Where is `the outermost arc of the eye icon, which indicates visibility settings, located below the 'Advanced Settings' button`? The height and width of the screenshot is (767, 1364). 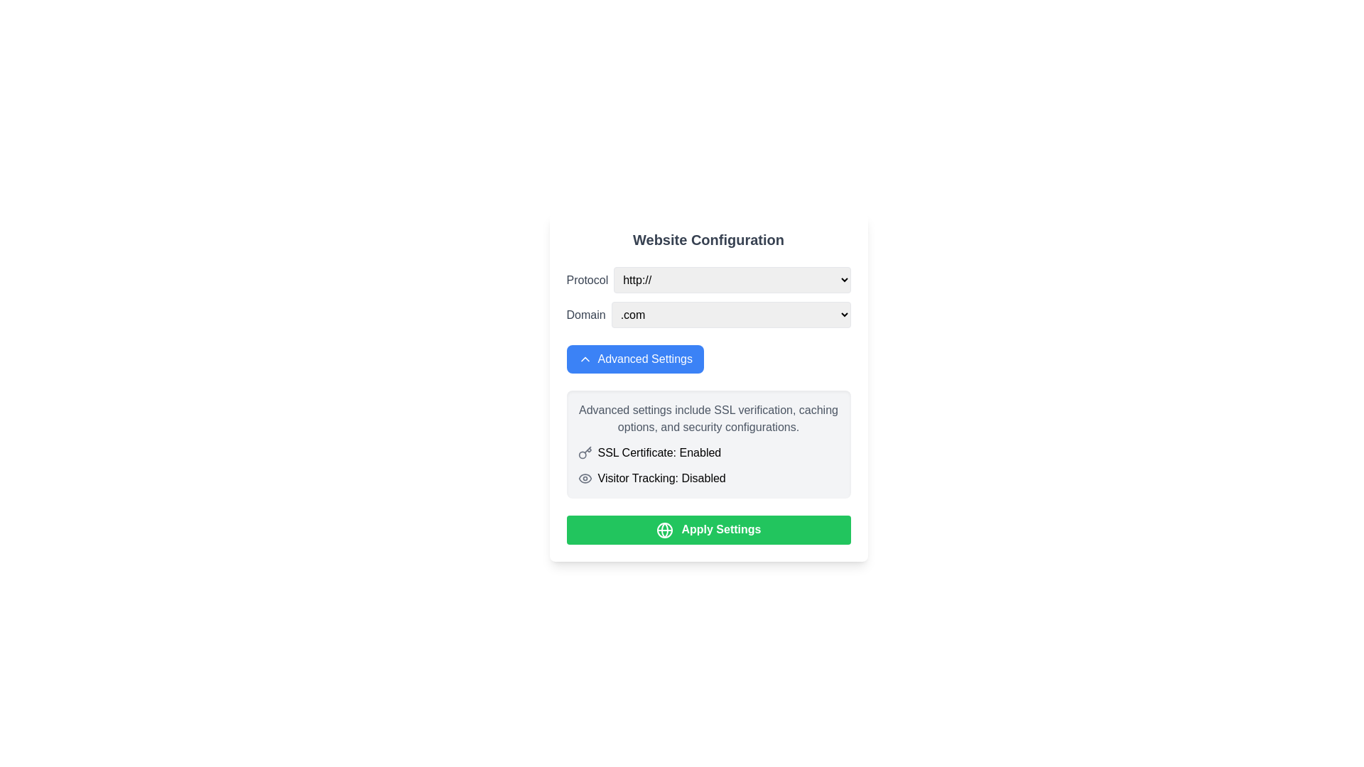 the outermost arc of the eye icon, which indicates visibility settings, located below the 'Advanced Settings' button is located at coordinates (585, 479).